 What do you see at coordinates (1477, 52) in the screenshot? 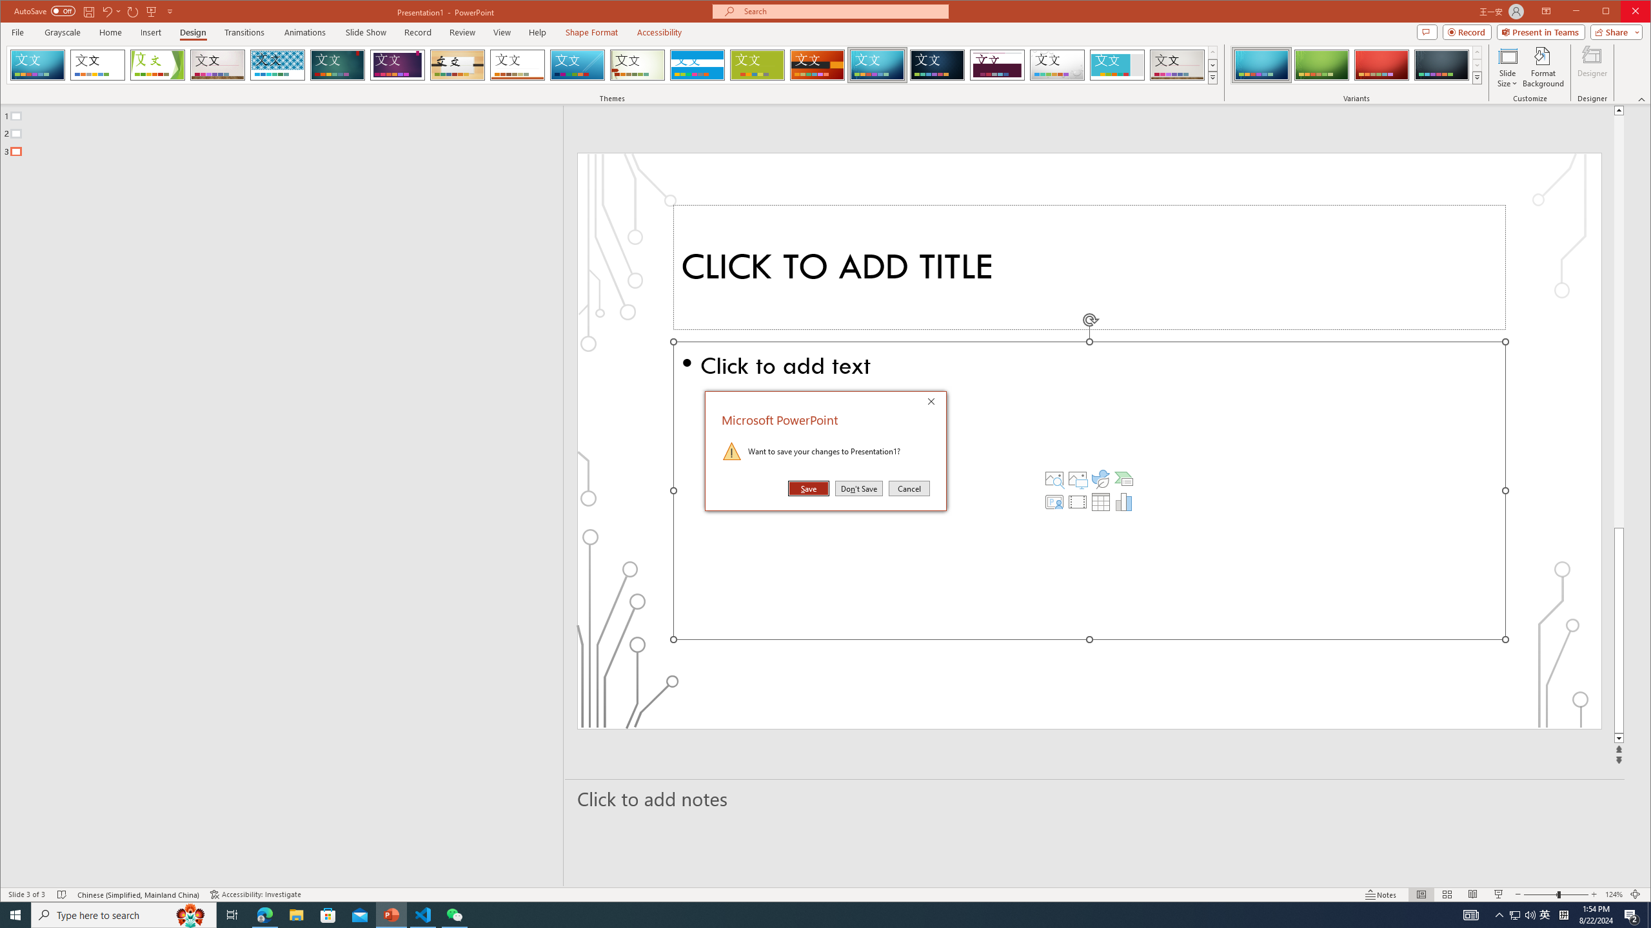
I see `'Row up'` at bounding box center [1477, 52].